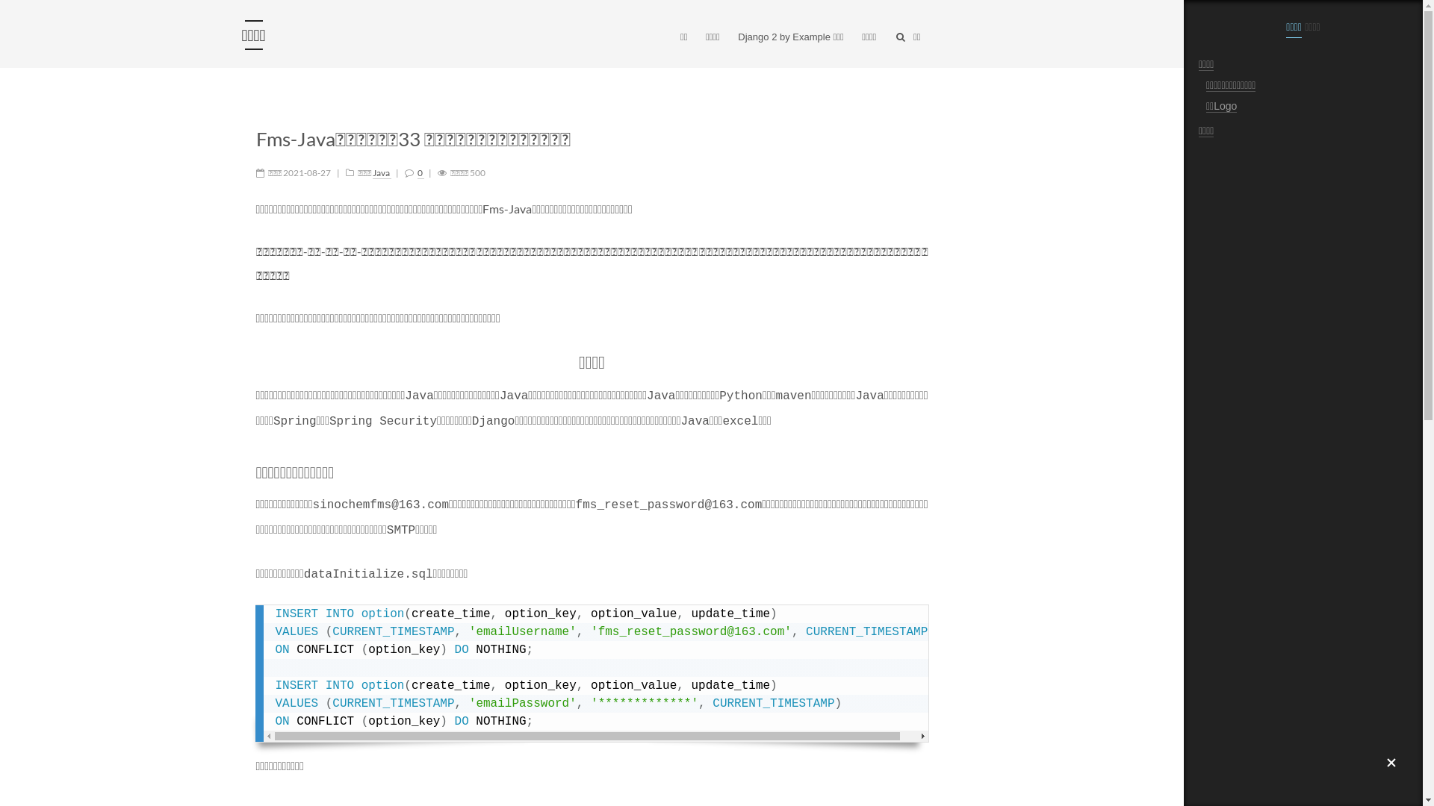 The height and width of the screenshot is (806, 1434). What do you see at coordinates (419, 172) in the screenshot?
I see `'0'` at bounding box center [419, 172].